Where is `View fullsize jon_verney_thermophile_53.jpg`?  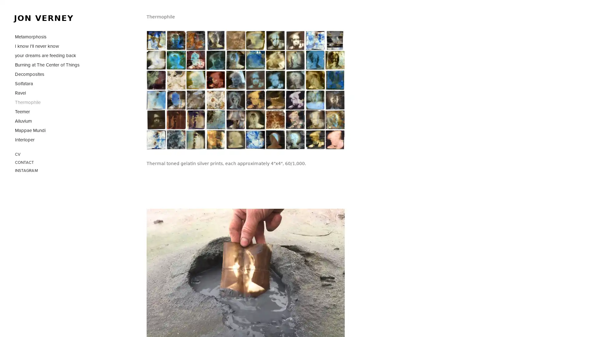
View fullsize jon_verney_thermophile_53.jpg is located at coordinates (334, 100).